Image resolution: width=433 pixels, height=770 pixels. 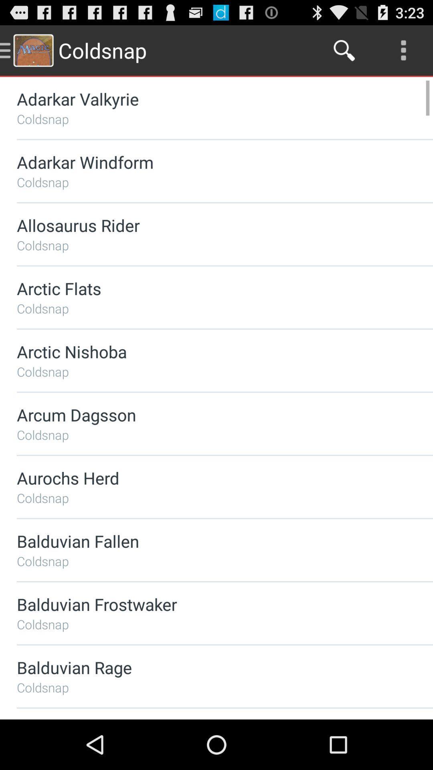 What do you see at coordinates (203, 288) in the screenshot?
I see `the arctic flats` at bounding box center [203, 288].